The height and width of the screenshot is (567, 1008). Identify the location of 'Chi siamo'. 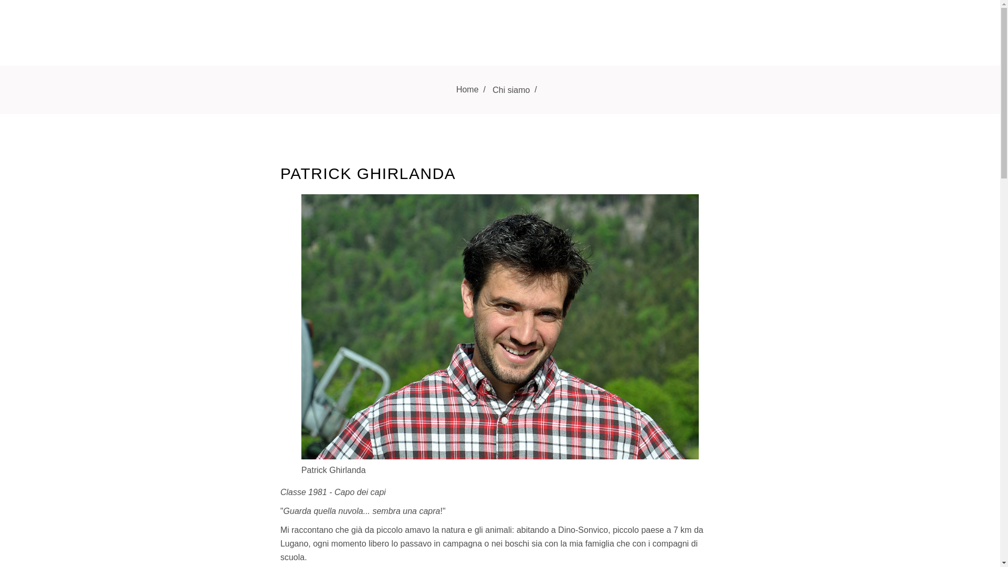
(511, 90).